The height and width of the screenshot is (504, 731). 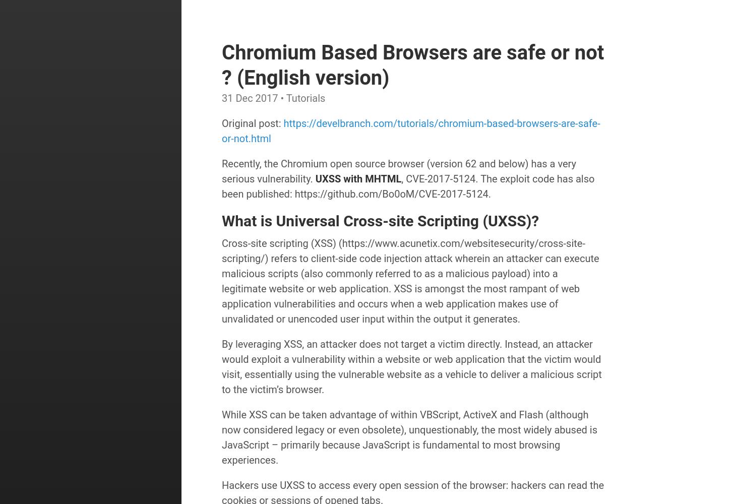 I want to click on 'Cross-site scripting (XSS) (https://www.acunetix.com/websitesecurity/cross-site-scripting/) refers to client-side code injection attack wherein an attacker can execute malicious scripts (also commonly referred to as a malicious payload) into a legitimate website or web application. XSS is amongst the most rampant of web application vulnerabilities and occurs when a web application makes use of unvalidated or unencoded user input within the output it generates.', so click(x=410, y=281).